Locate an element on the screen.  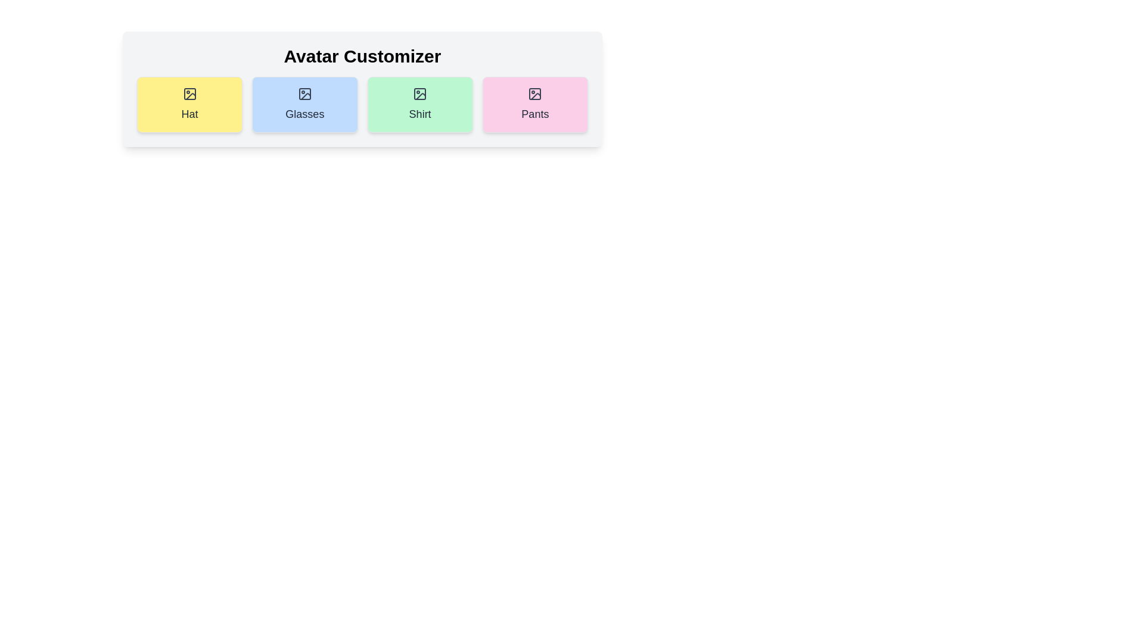
the image placeholder icon located inside the green box labeled 'Shirt', which is the third box from the left under the 'Avatar Customizer' heading is located at coordinates (420, 93).